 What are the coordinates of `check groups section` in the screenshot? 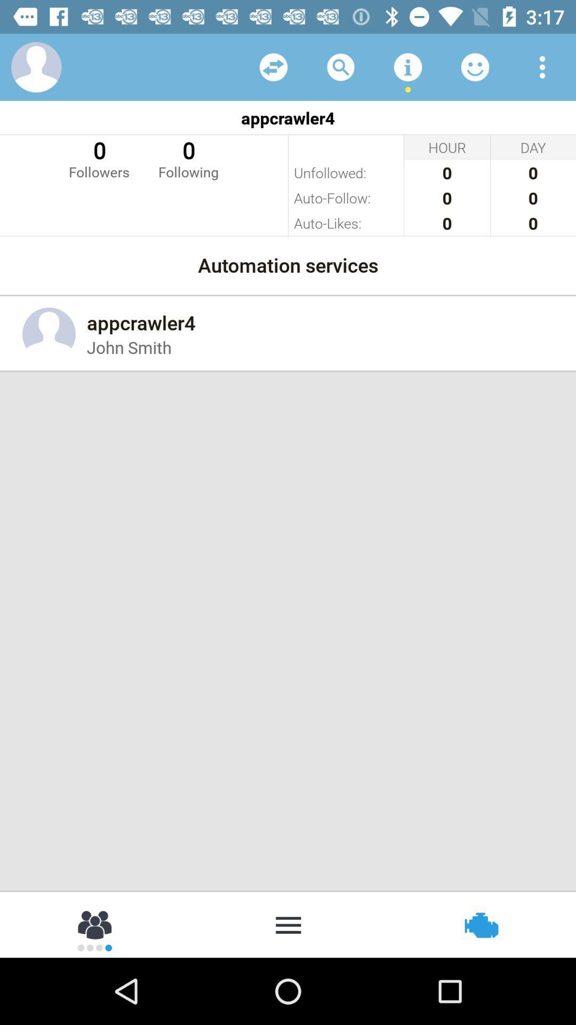 It's located at (95, 924).